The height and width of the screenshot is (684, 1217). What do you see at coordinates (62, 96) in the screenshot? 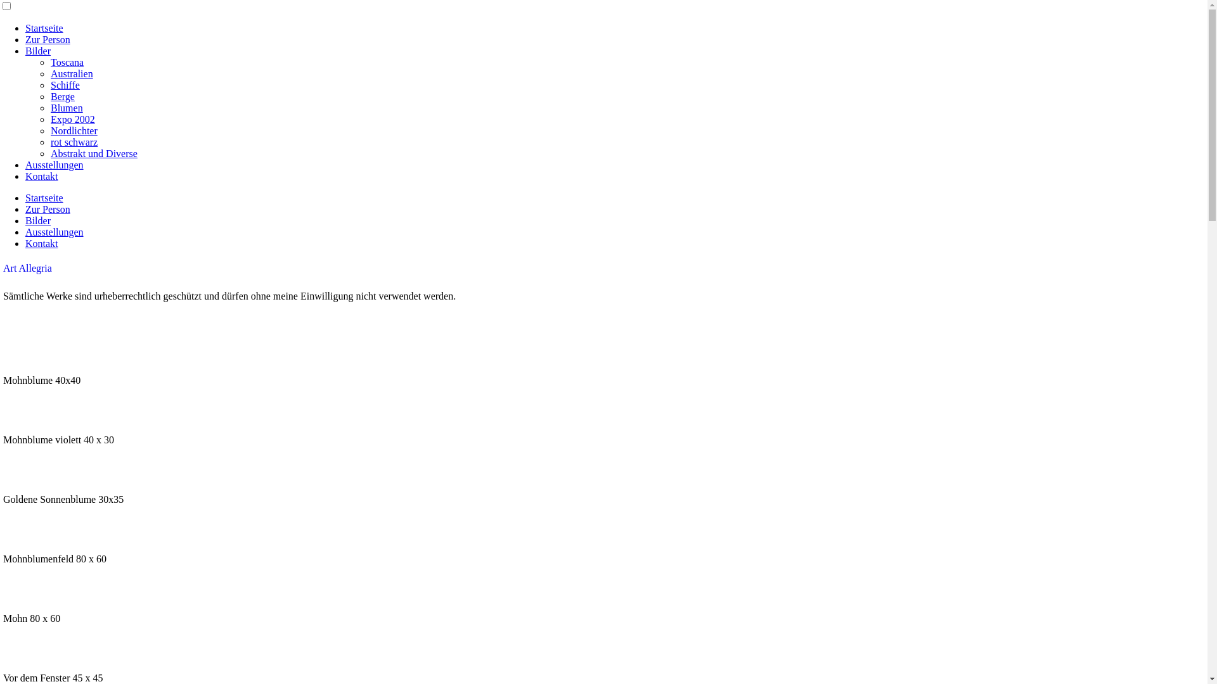
I see `'Berge'` at bounding box center [62, 96].